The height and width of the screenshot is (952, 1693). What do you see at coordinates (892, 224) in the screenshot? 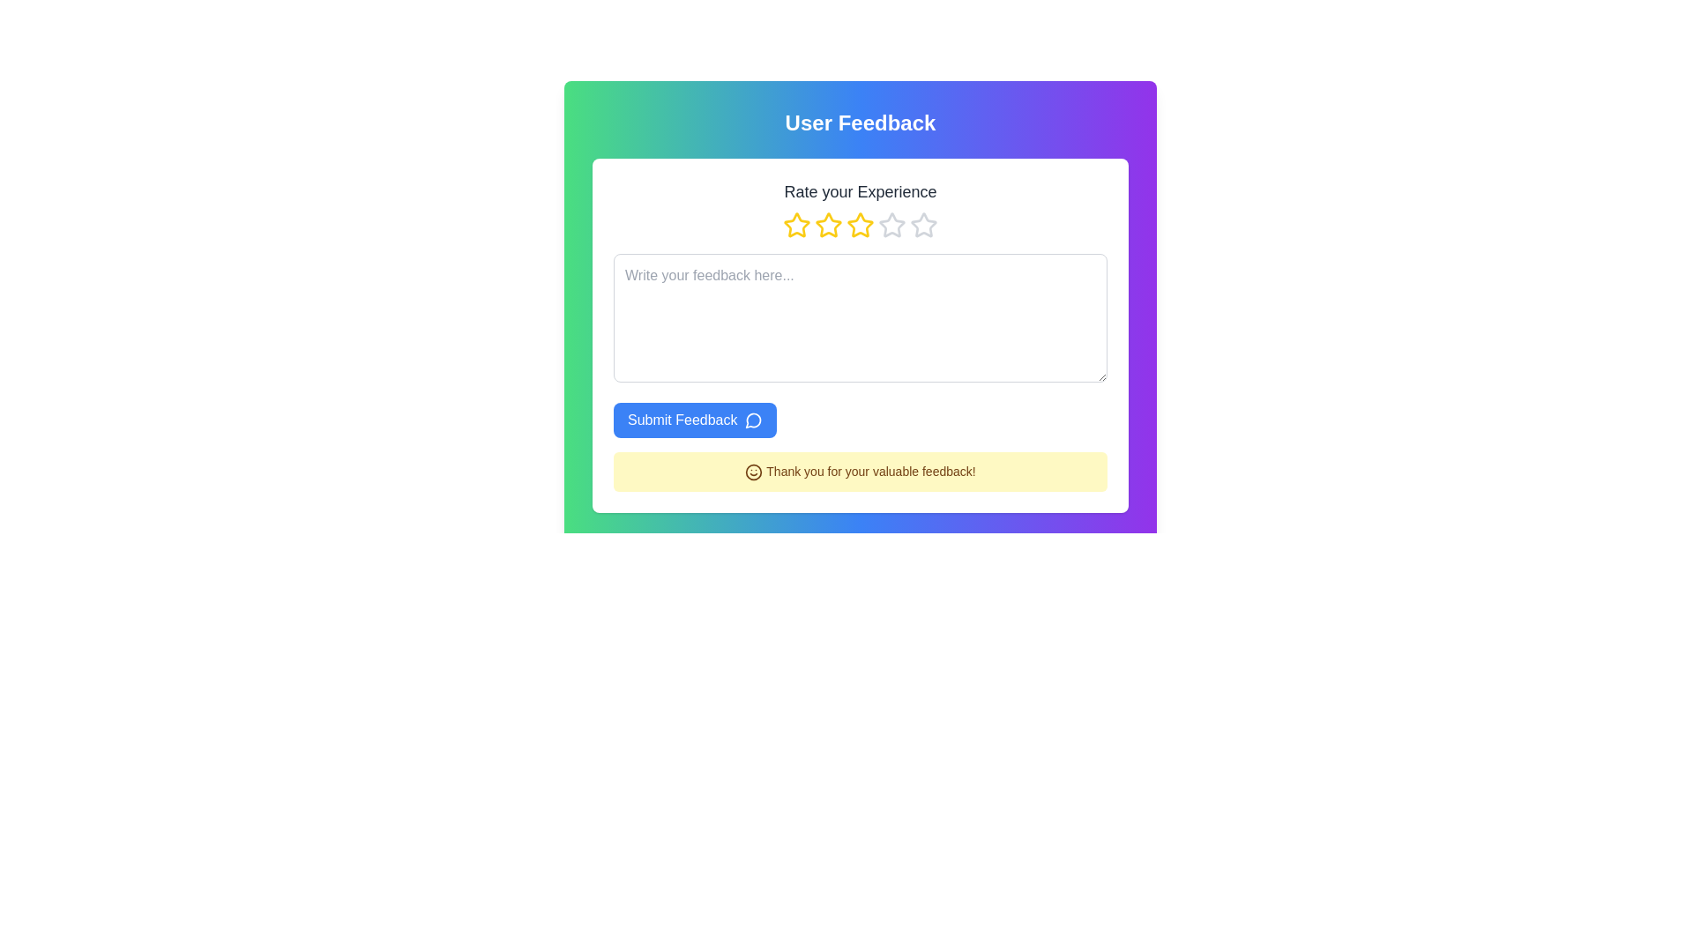
I see `from the fourth star-shaped rating icon, which has a hollow white center and faint gray outline` at bounding box center [892, 224].